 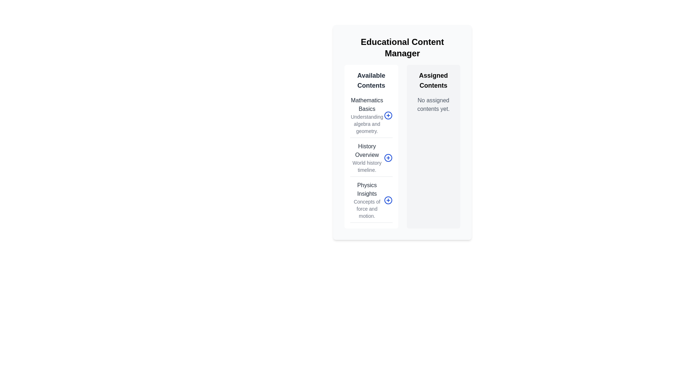 I want to click on the innermost circle of the circular icon located to the right of the 'Physics Insights' content in the 'Available Contents' column, so click(x=388, y=200).